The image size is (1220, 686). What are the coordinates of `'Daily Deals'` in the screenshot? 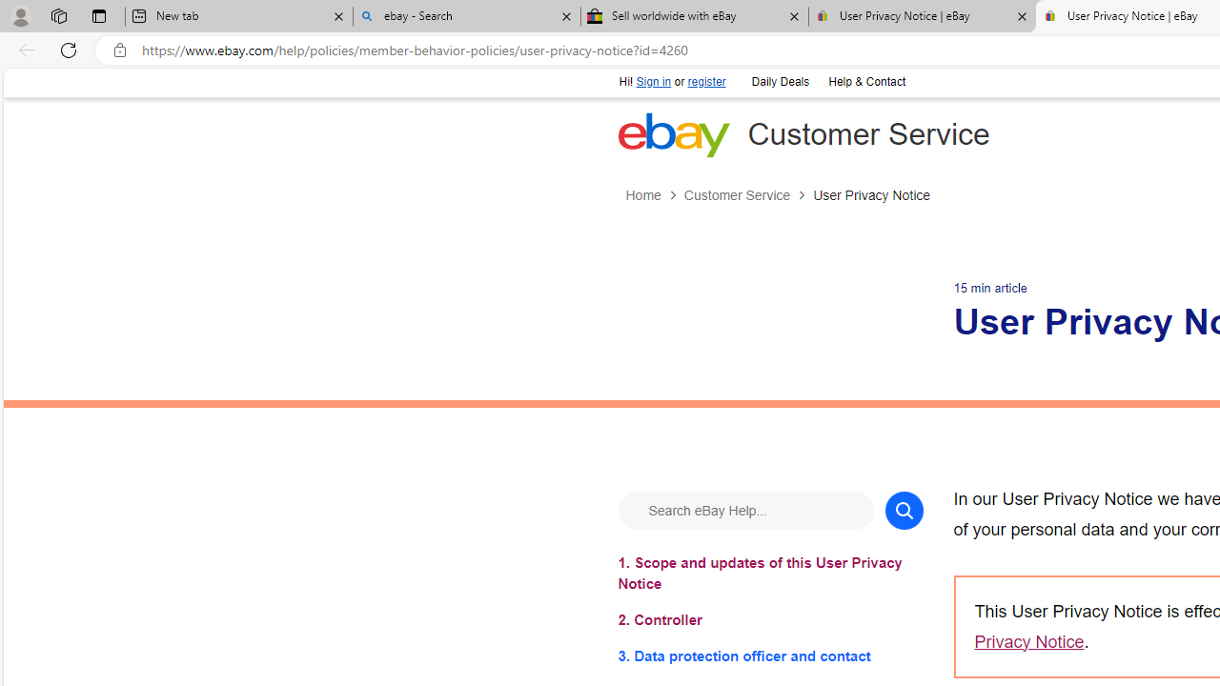 It's located at (781, 82).